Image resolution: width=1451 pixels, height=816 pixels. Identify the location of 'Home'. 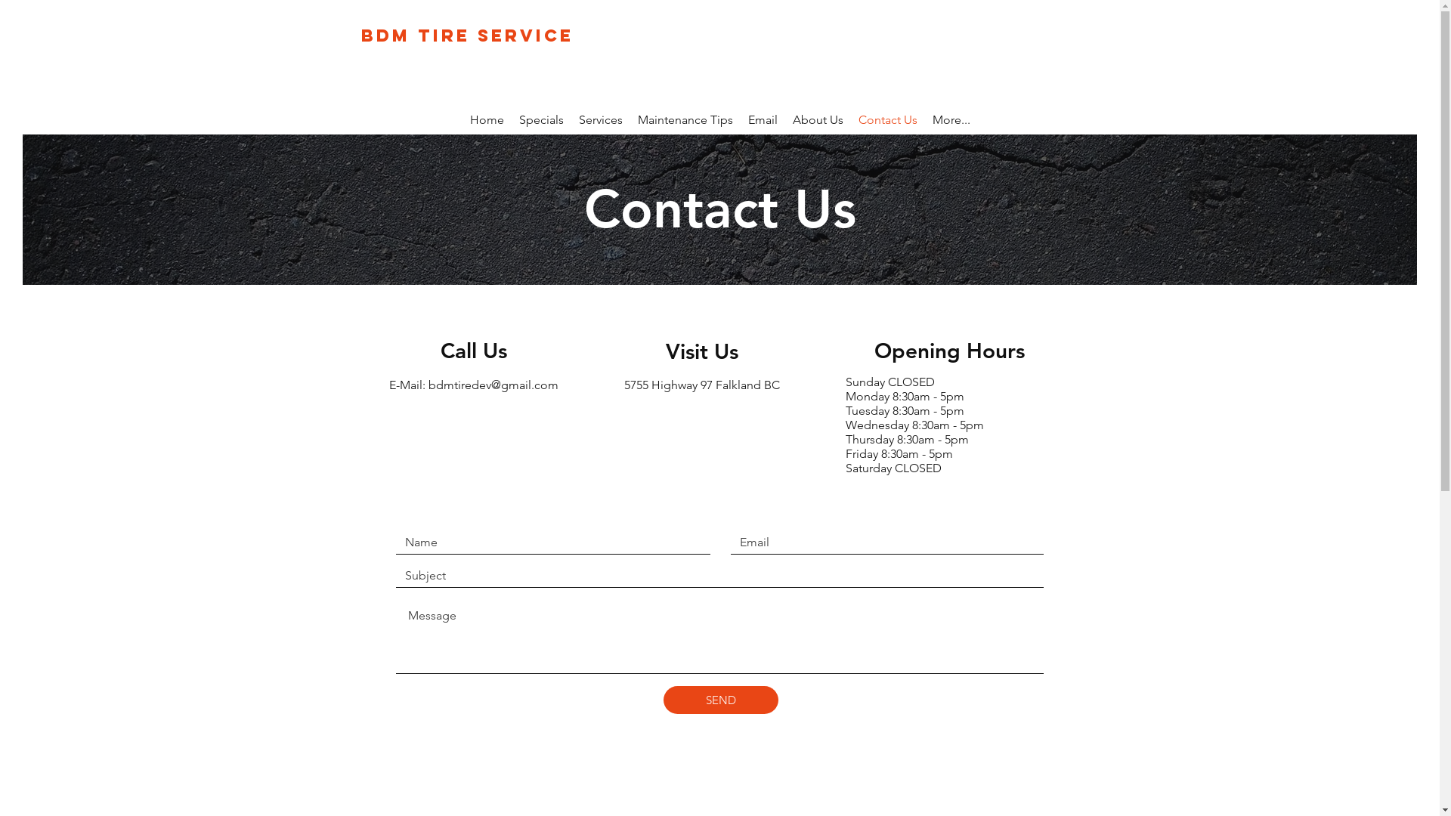
(487, 122).